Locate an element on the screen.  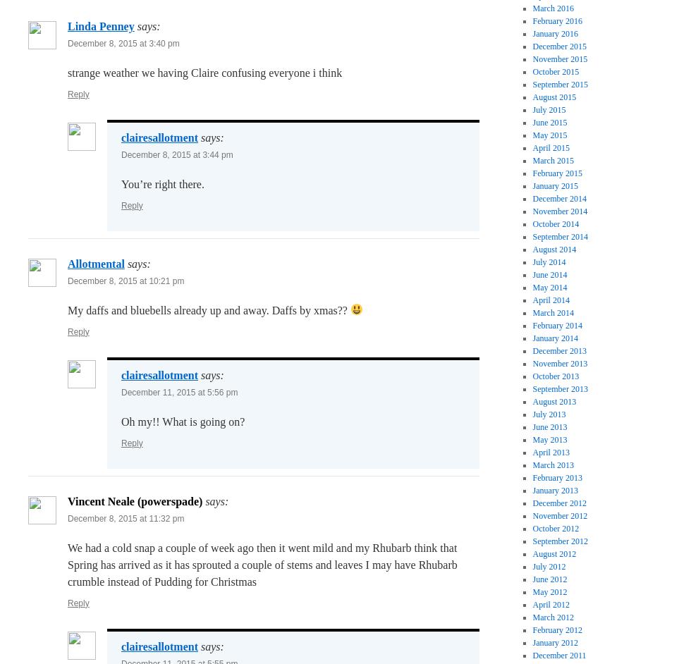
'March 2014' is located at coordinates (553, 312).